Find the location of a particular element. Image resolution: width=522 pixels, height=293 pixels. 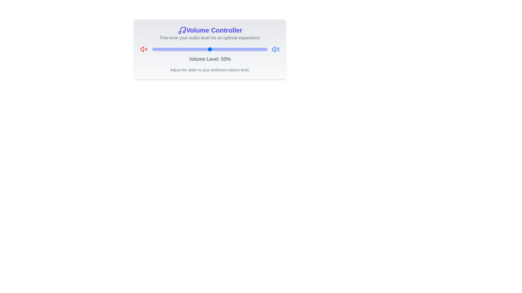

the mute icon to interpret its purpose is located at coordinates (144, 49).